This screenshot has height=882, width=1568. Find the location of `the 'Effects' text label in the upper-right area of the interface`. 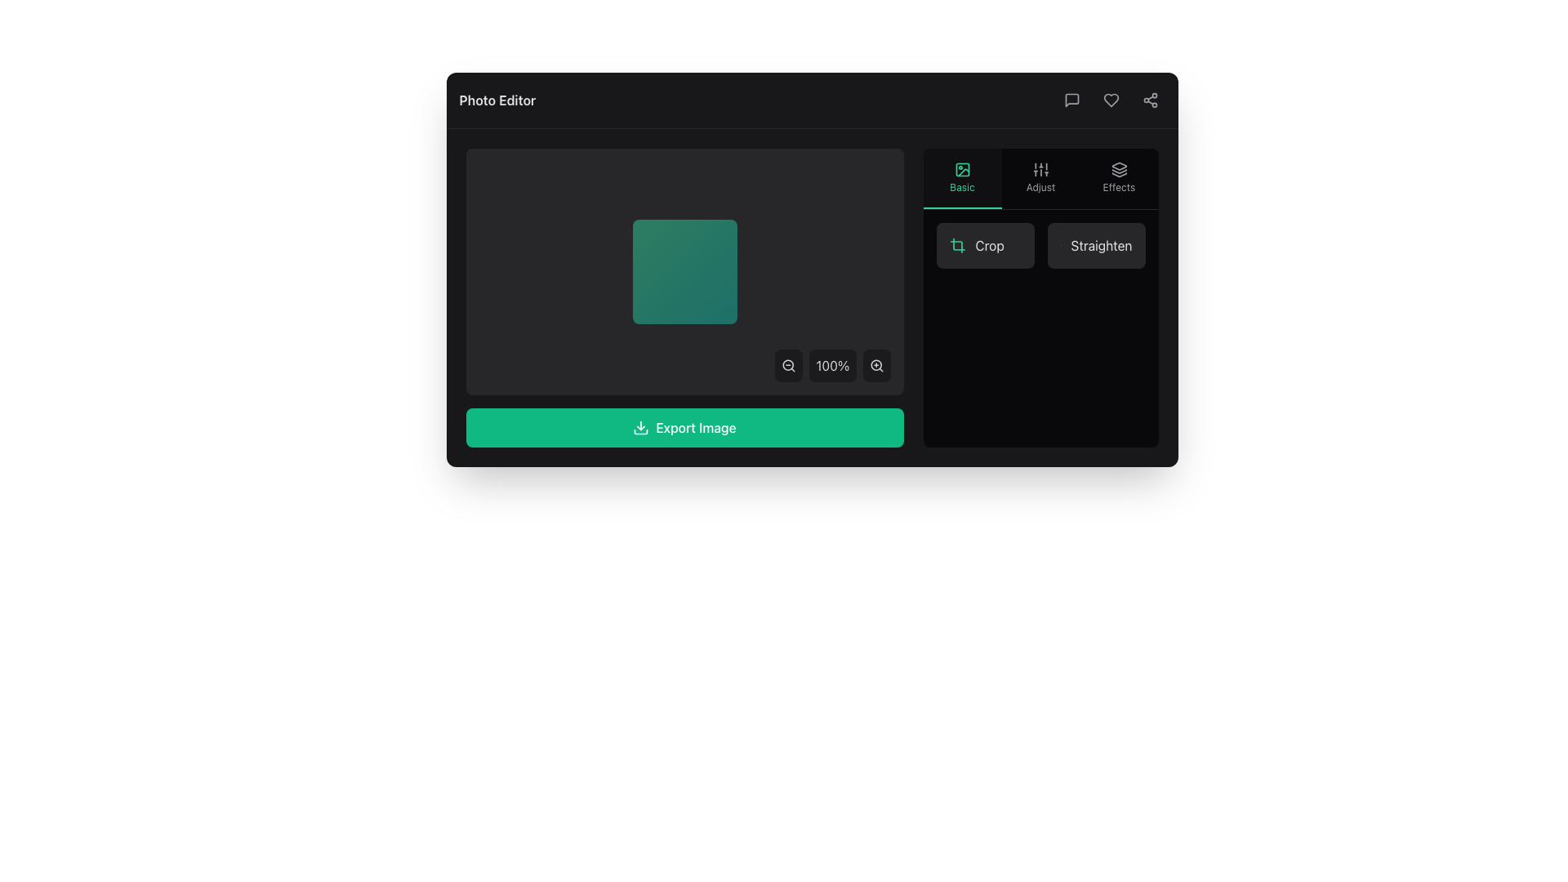

the 'Effects' text label in the upper-right area of the interface is located at coordinates (1118, 187).